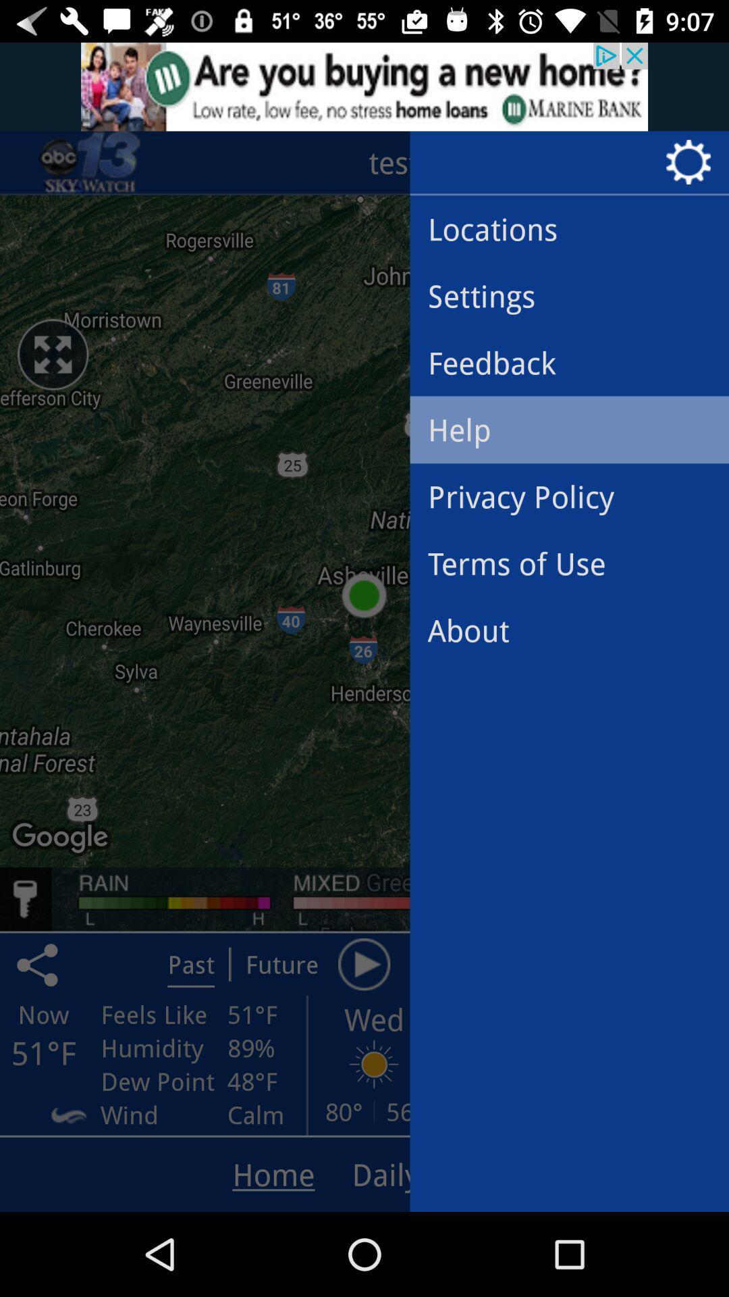  What do you see at coordinates (39, 963) in the screenshot?
I see `the share icon` at bounding box center [39, 963].